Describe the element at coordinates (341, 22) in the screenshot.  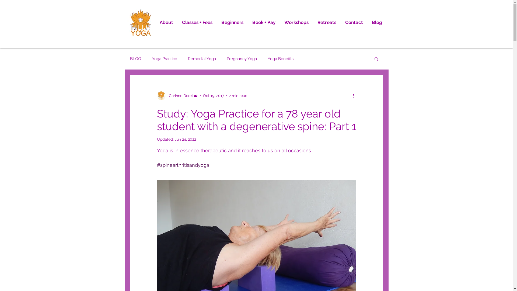
I see `'Contact'` at that location.